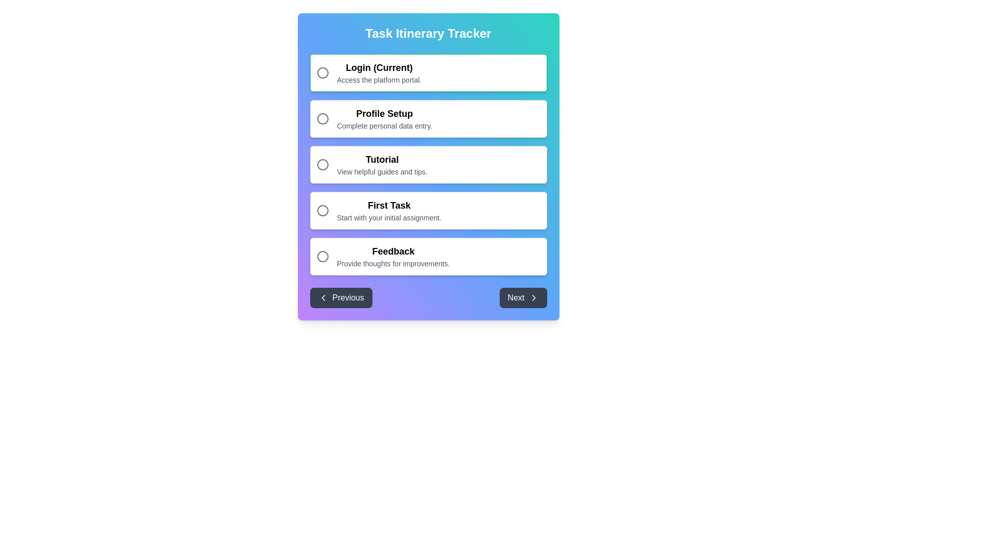 Image resolution: width=981 pixels, height=551 pixels. I want to click on the guidance text label located below the 'Feedback' header in the 'Task Itinerary Tracker' section, so click(392, 263).